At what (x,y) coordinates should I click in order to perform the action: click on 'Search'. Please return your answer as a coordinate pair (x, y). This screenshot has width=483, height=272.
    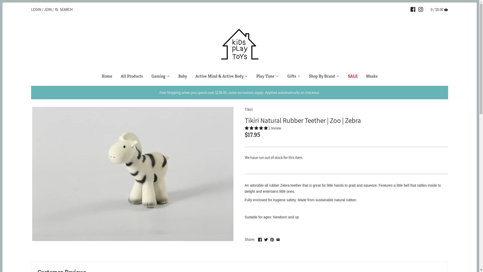
    Looking at the image, I should click on (54, 10).